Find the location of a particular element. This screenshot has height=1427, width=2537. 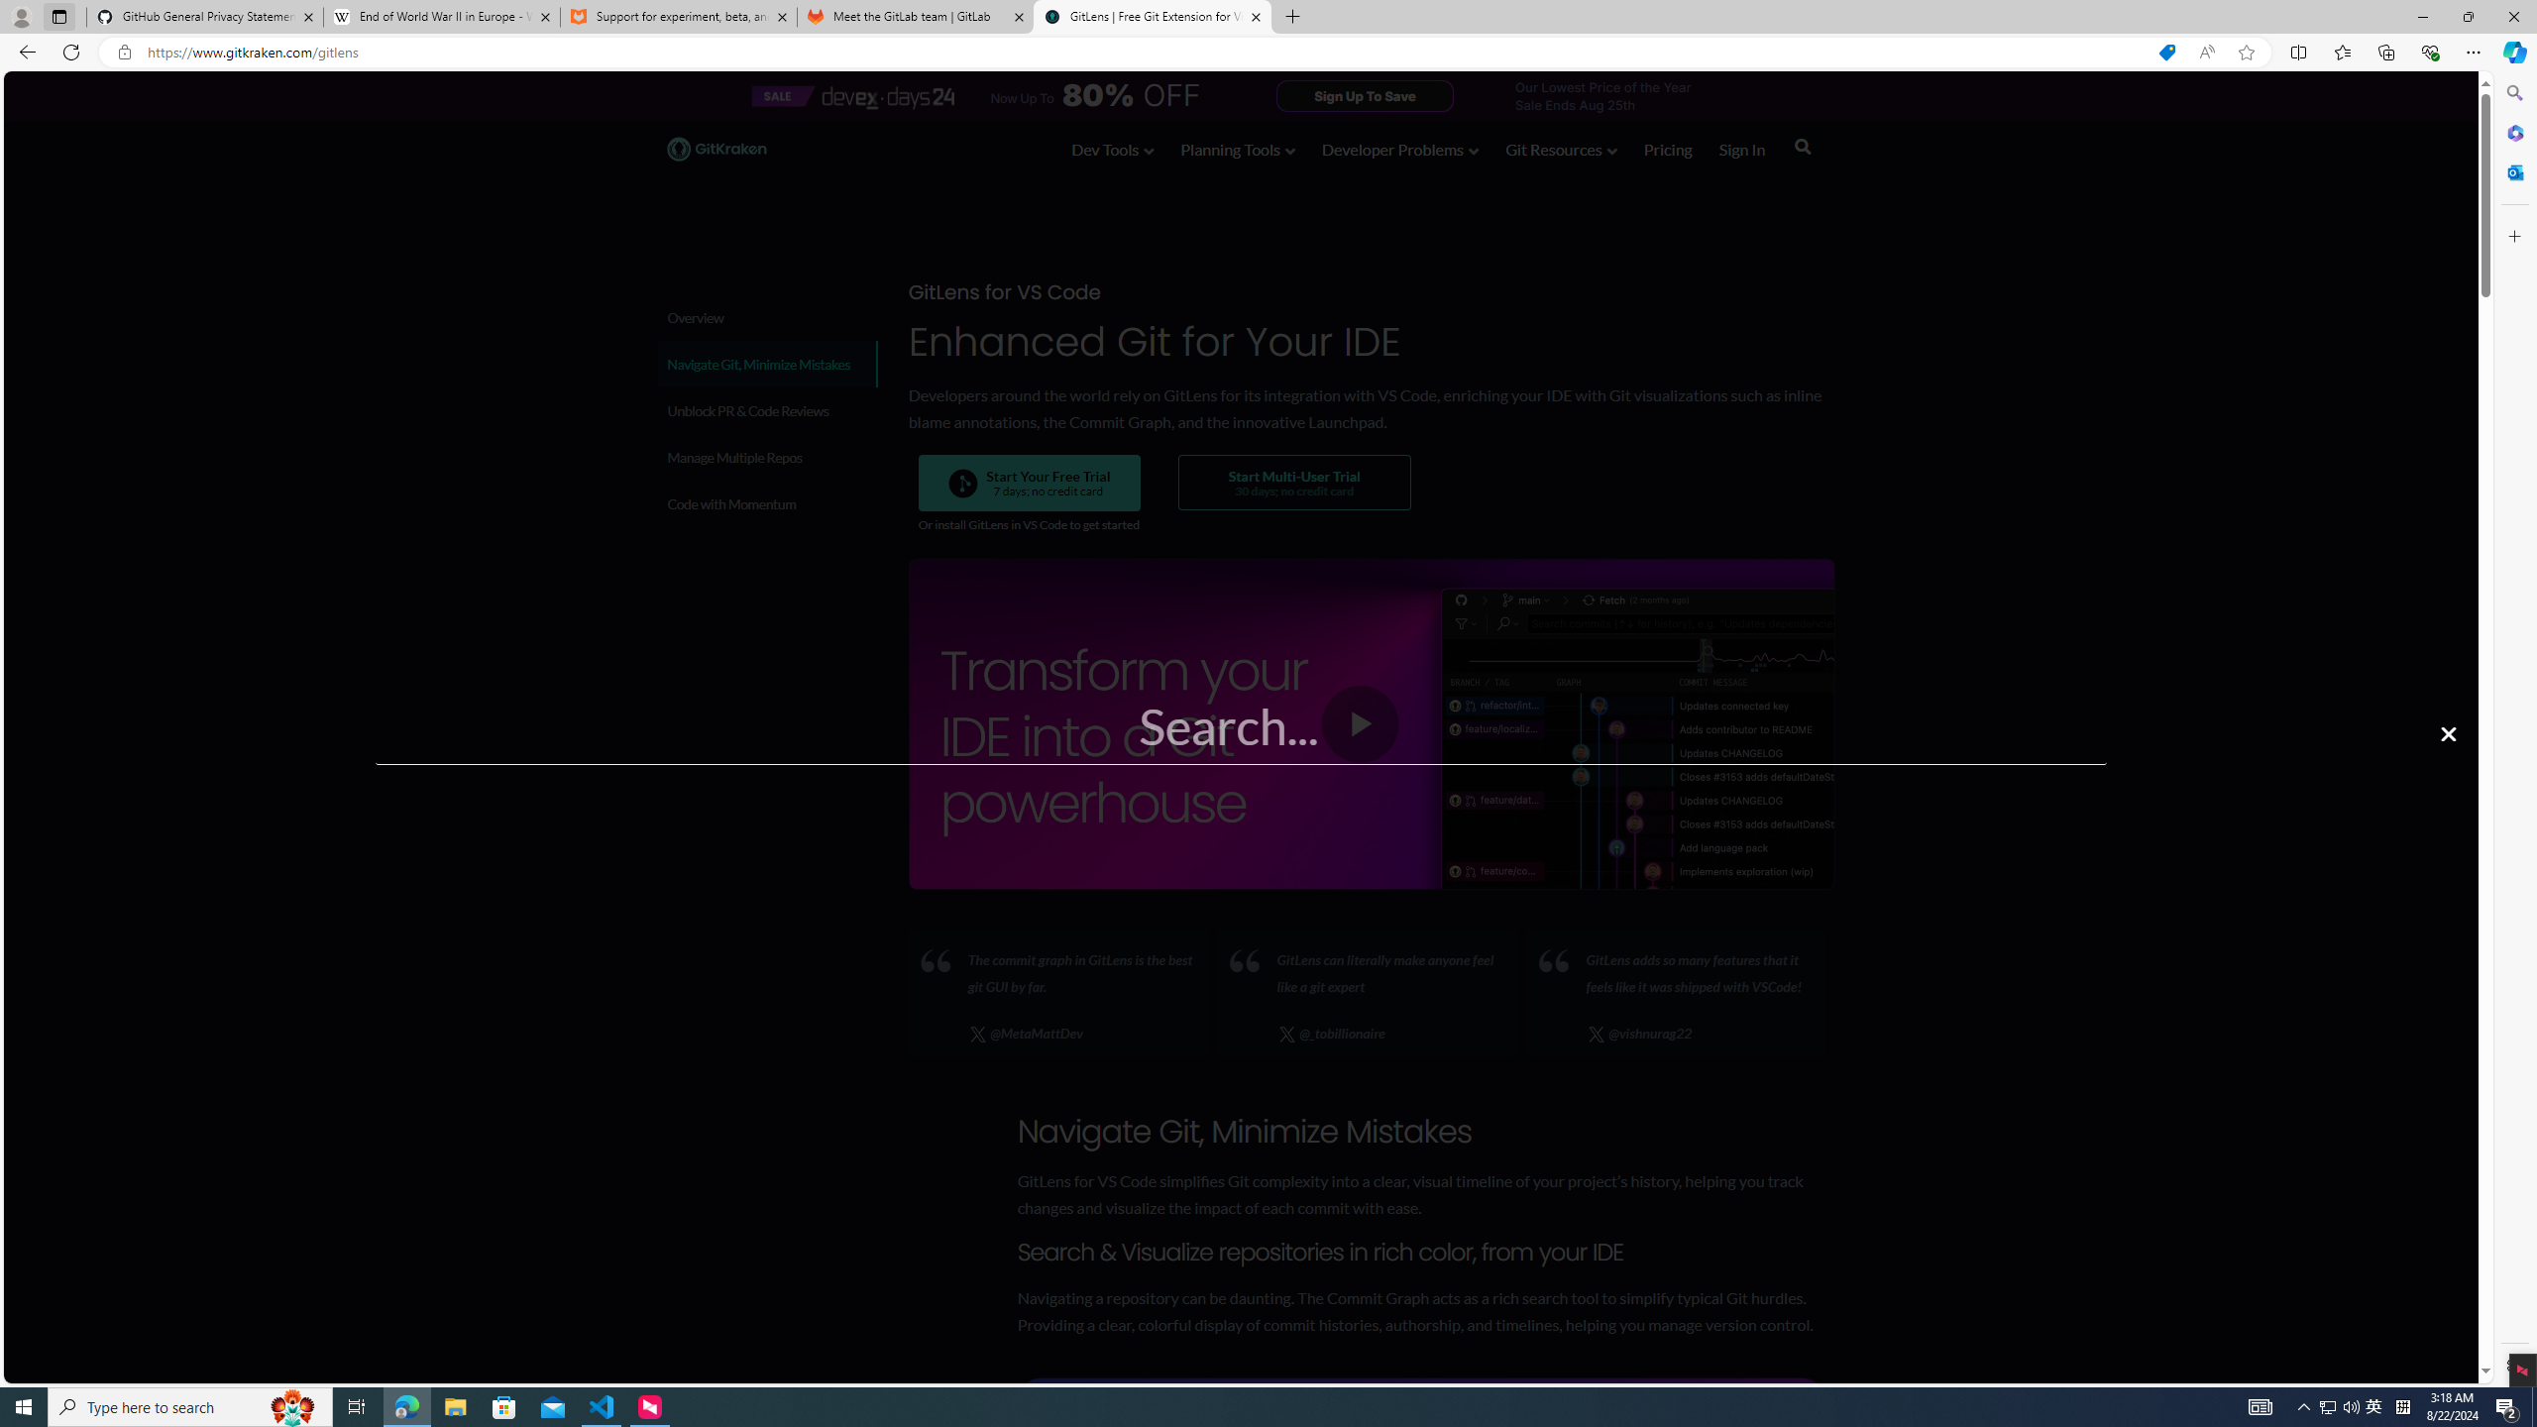

'End of World War II in Europe - Wikipedia' is located at coordinates (440, 16).